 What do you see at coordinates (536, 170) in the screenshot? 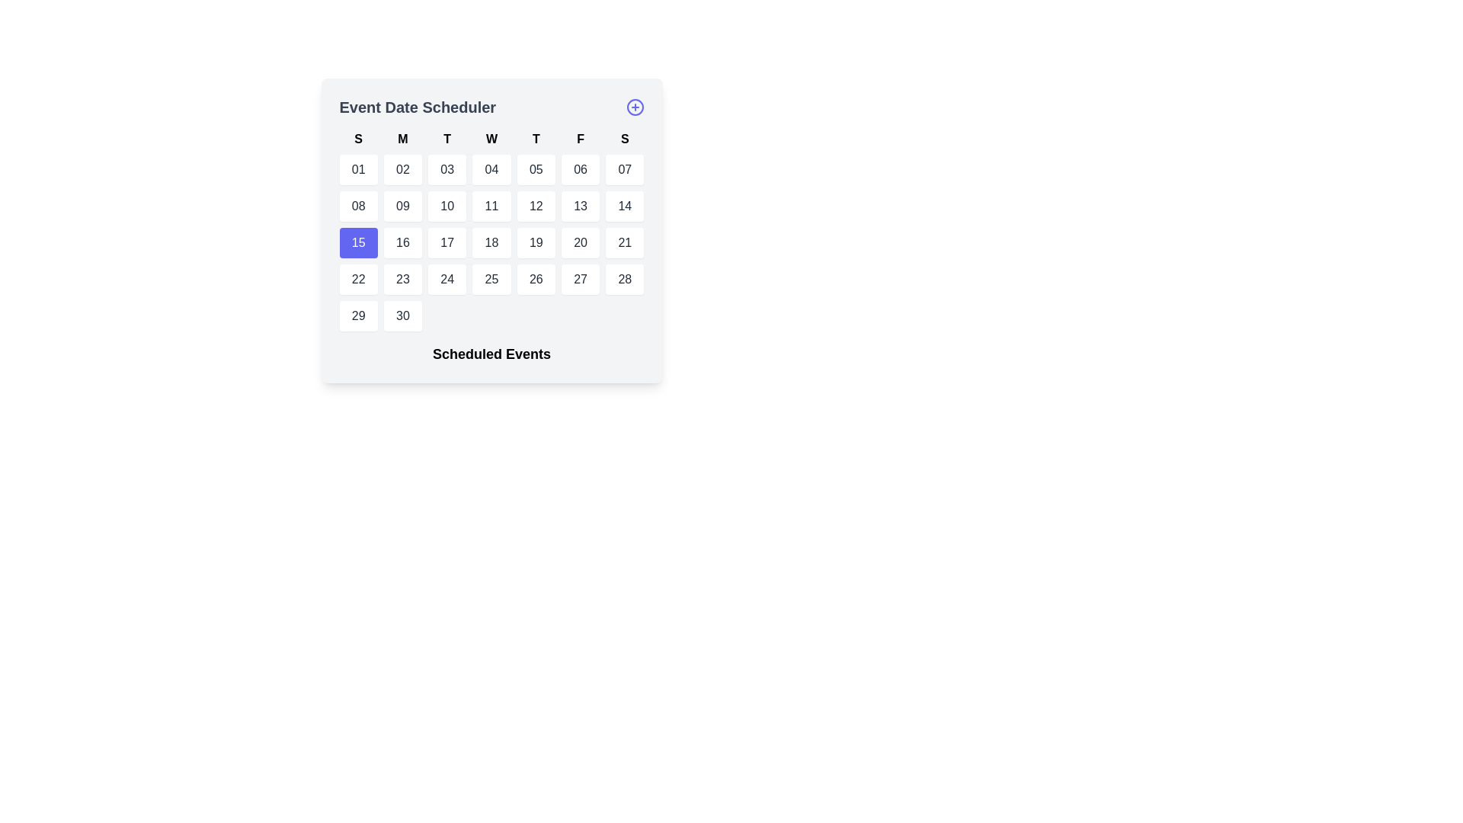
I see `the button displaying the number '05' in the calendar layout` at bounding box center [536, 170].